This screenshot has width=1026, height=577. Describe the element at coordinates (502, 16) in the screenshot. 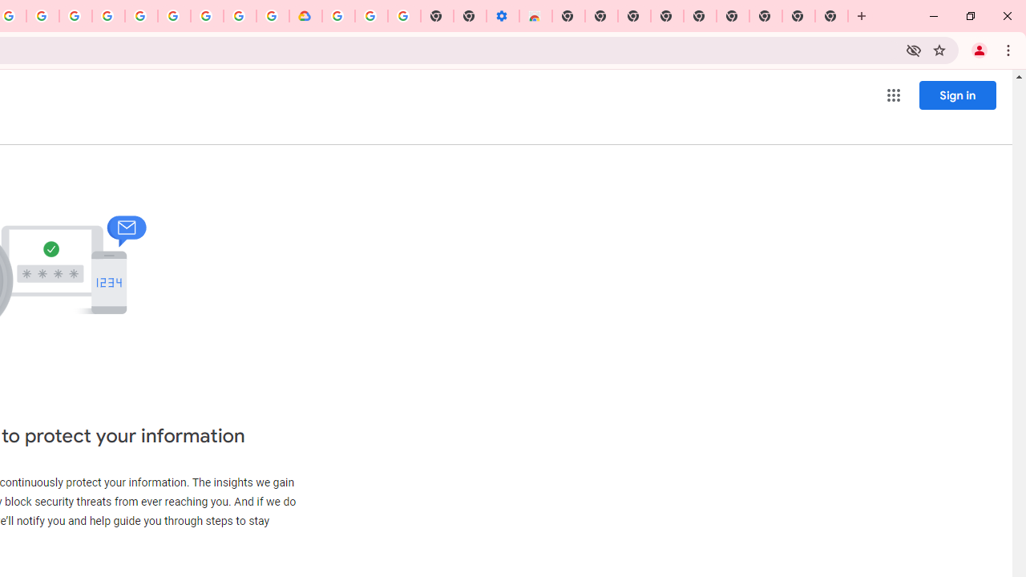

I see `'Settings - Accessibility'` at that location.